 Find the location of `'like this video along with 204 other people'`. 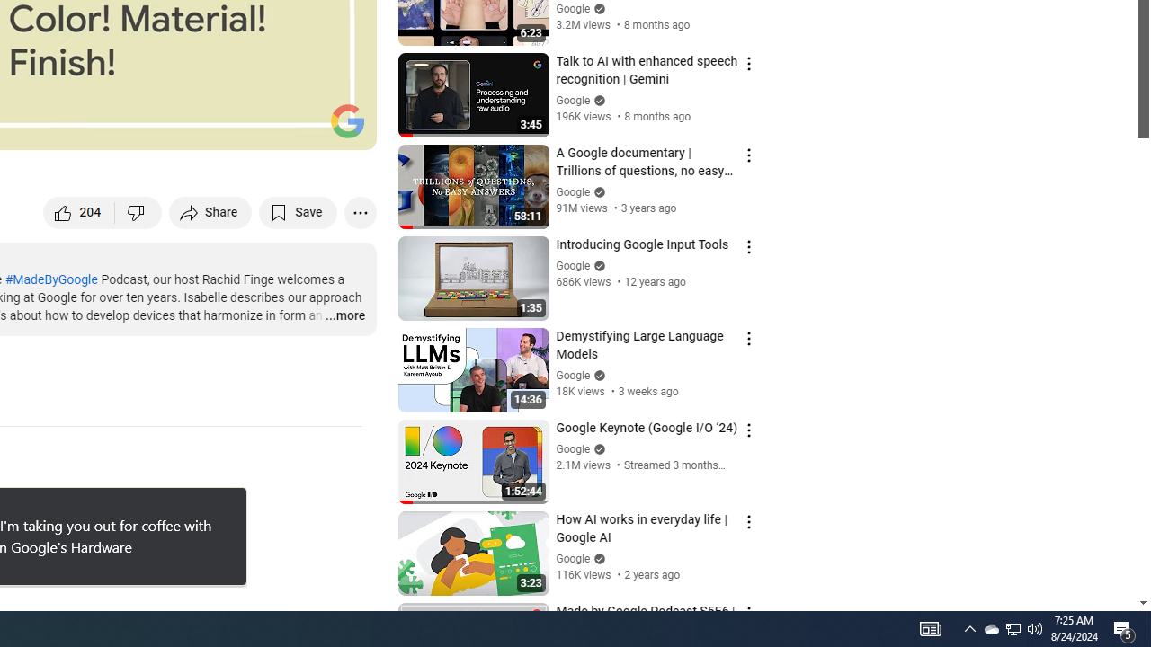

'like this video along with 204 other people' is located at coordinates (78, 211).